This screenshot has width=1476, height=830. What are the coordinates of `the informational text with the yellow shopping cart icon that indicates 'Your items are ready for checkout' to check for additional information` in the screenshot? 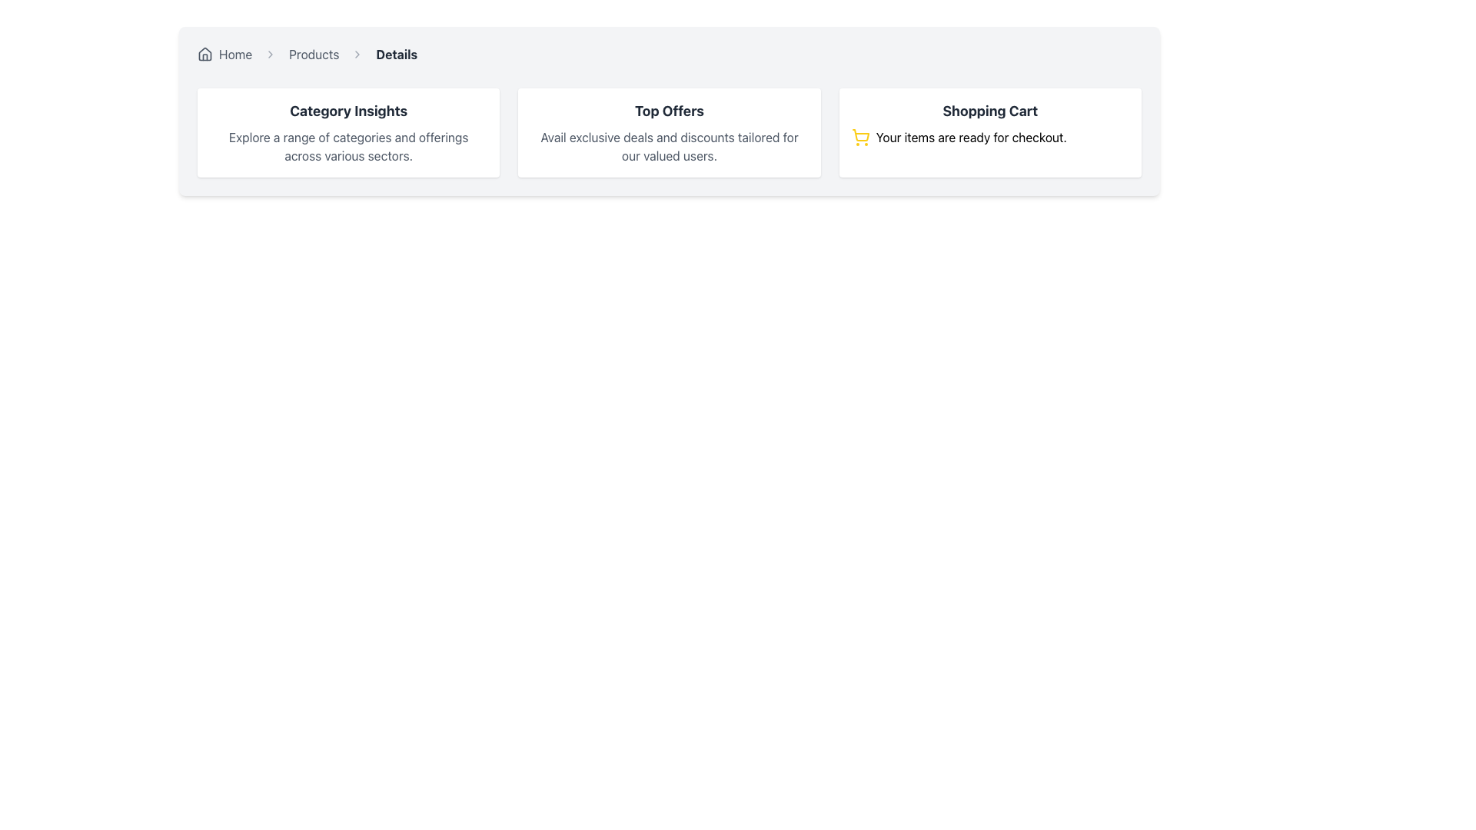 It's located at (990, 136).